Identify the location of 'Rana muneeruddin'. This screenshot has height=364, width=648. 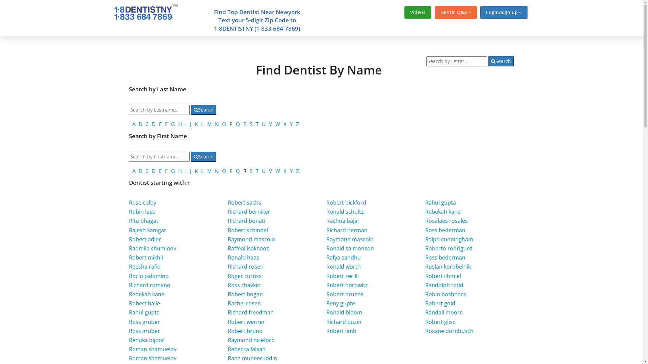
(252, 358).